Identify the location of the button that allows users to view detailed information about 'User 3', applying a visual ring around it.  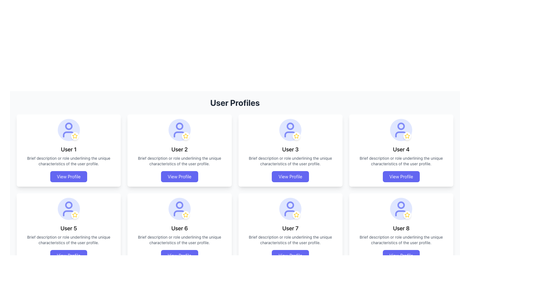
(290, 177).